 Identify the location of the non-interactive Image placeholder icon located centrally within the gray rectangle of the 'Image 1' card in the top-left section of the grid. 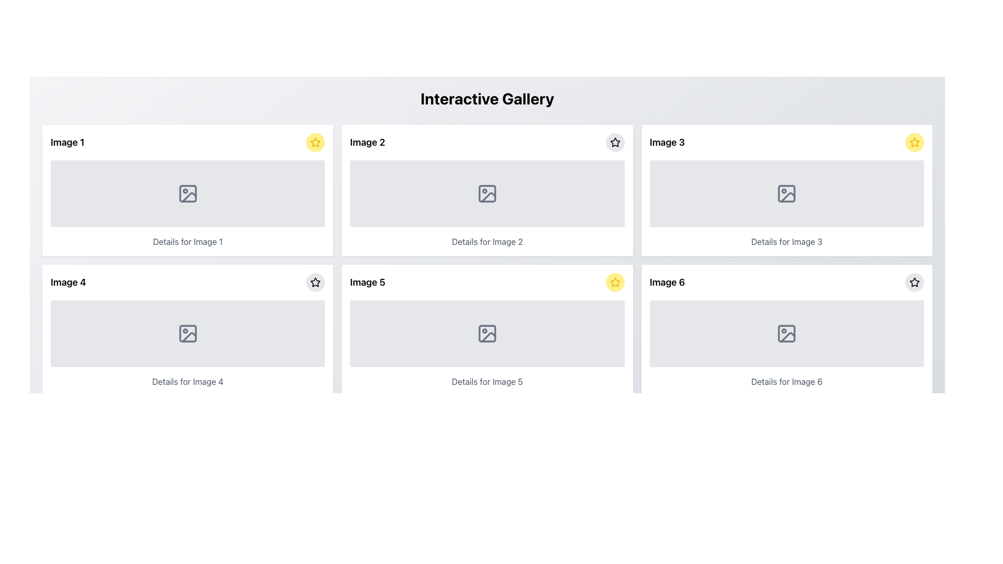
(188, 193).